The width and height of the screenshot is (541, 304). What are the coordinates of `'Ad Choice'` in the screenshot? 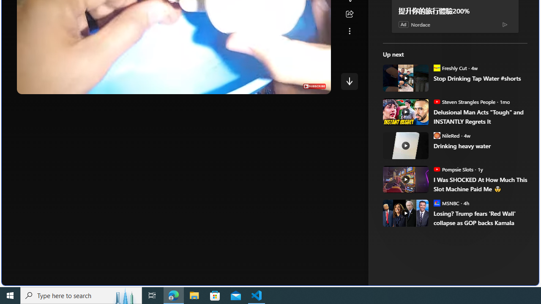 It's located at (505, 24).